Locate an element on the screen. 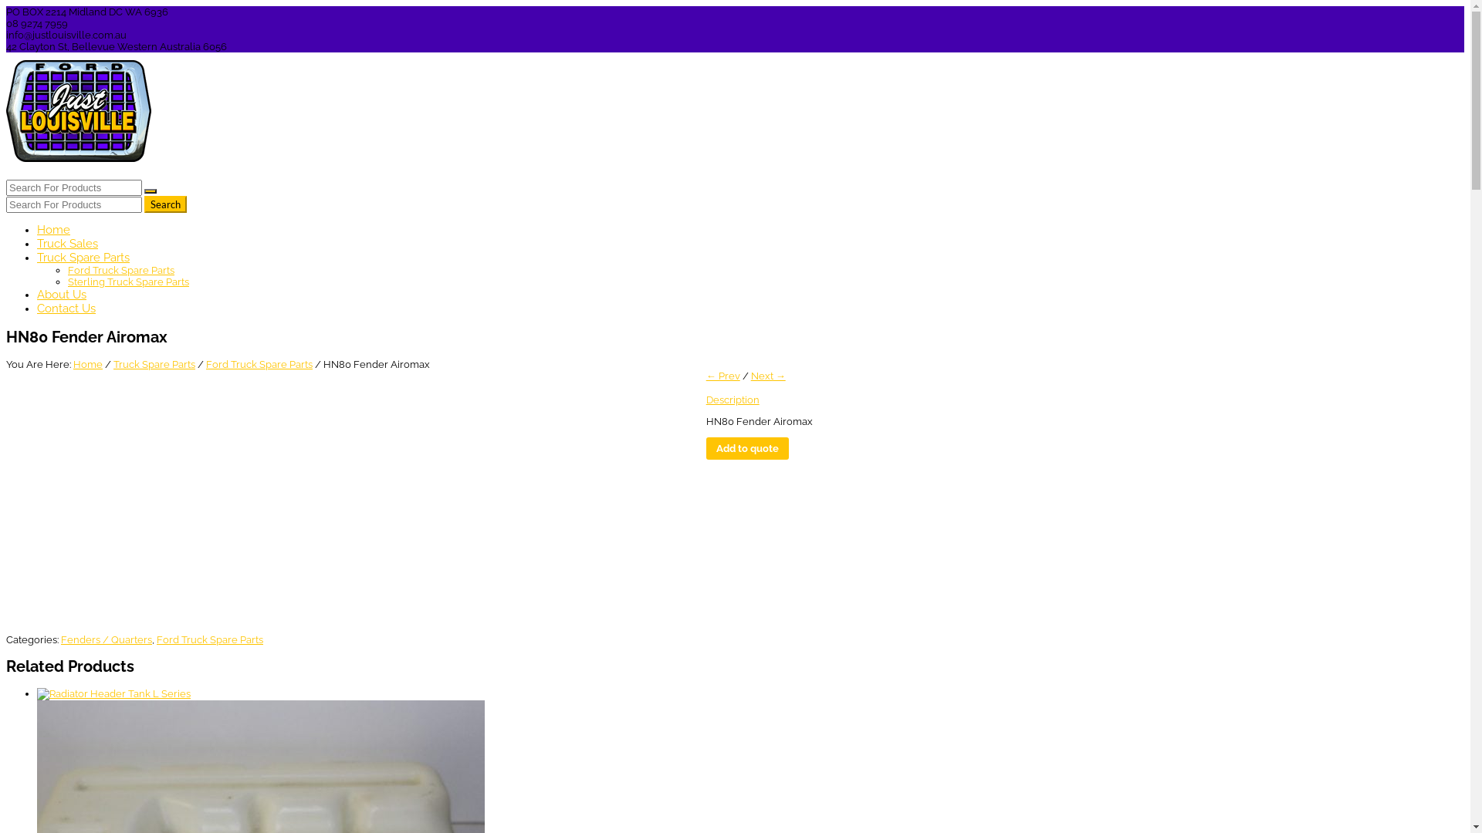  'Fenders / Quarters' is located at coordinates (106, 639).